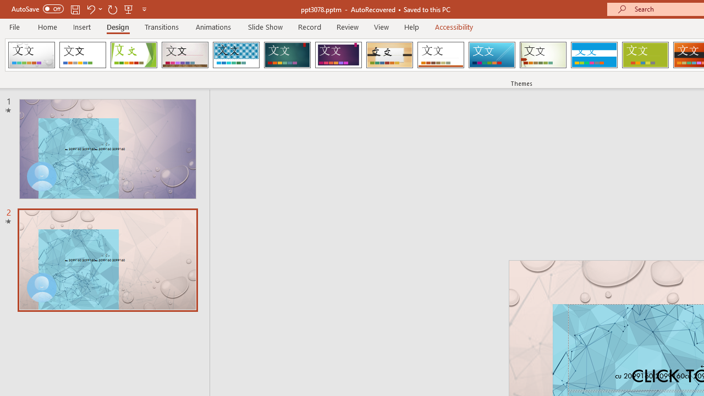 This screenshot has height=396, width=704. What do you see at coordinates (185, 55) in the screenshot?
I see `'Gallery'` at bounding box center [185, 55].